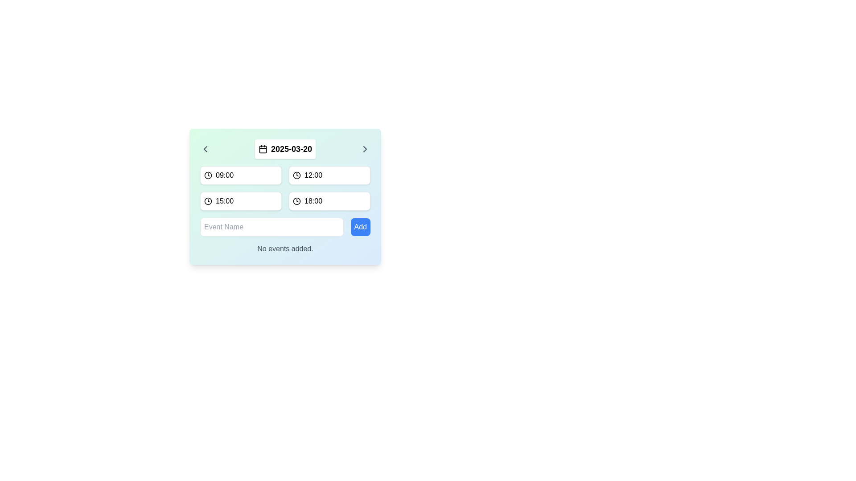 The image size is (856, 481). I want to click on the right-facing chevron icon located at the far right of the header in the calendar interface, so click(365, 149).